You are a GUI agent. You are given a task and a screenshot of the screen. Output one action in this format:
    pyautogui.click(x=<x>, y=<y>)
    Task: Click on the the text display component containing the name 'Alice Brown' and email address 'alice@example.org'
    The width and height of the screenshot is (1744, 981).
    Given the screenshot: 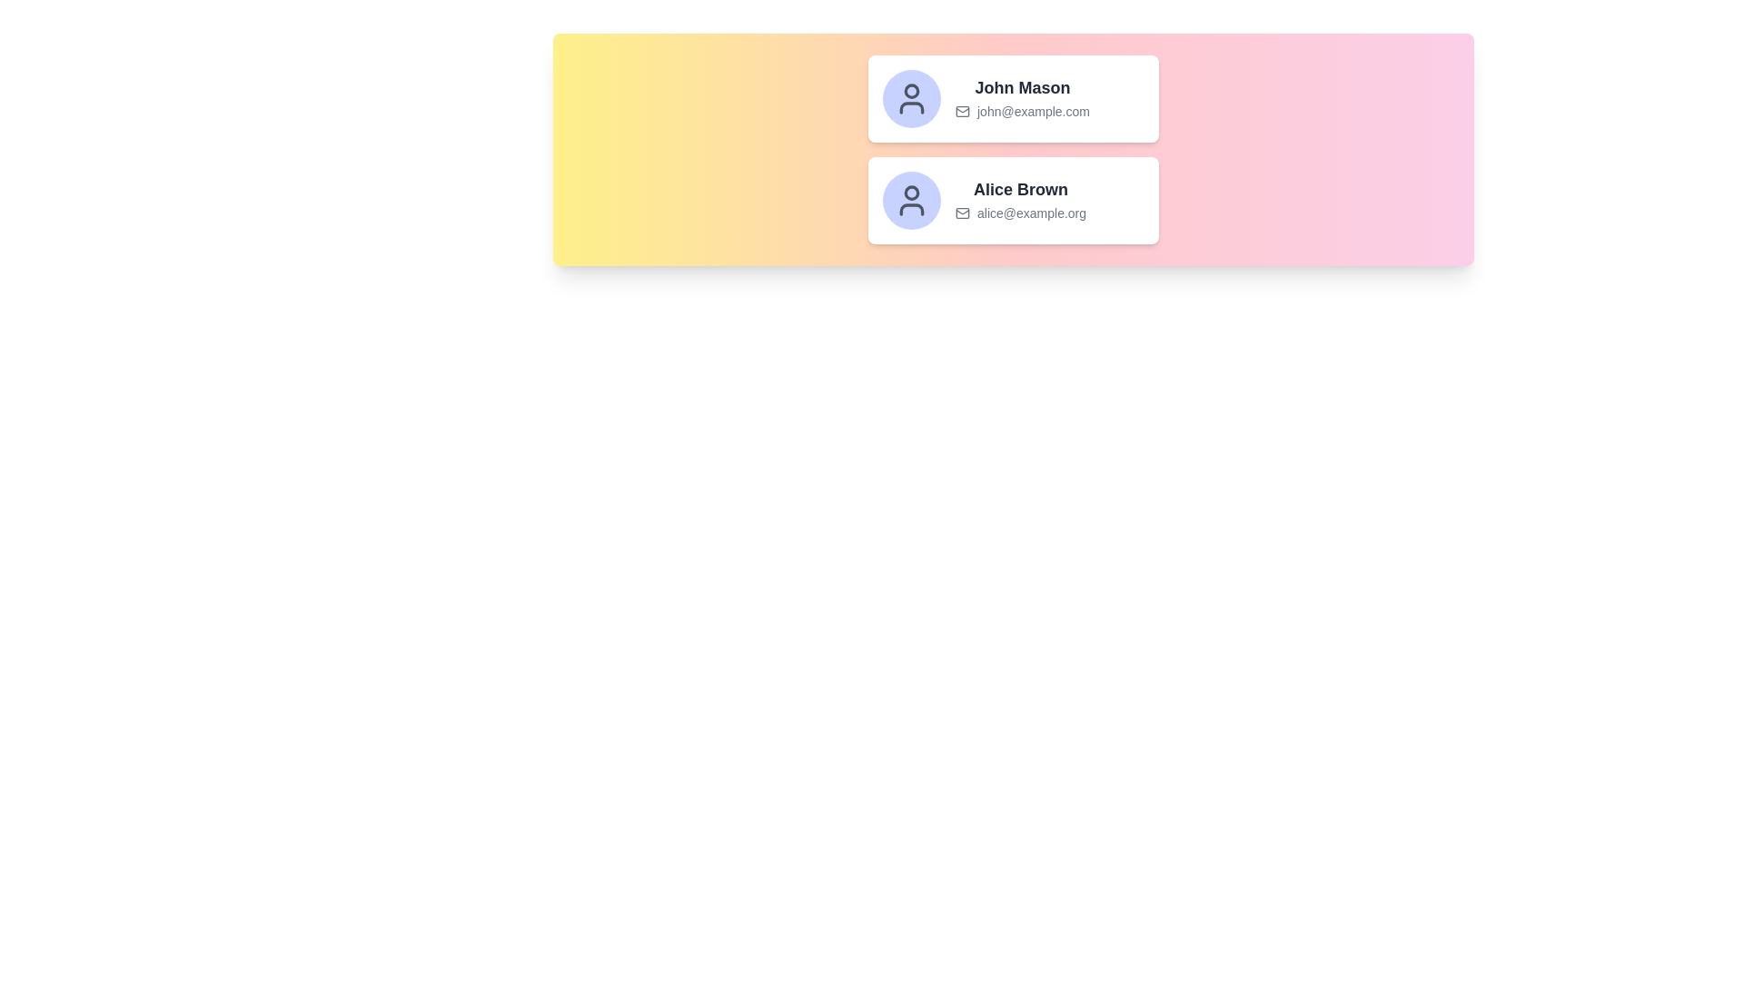 What is the action you would take?
    pyautogui.click(x=1020, y=200)
    